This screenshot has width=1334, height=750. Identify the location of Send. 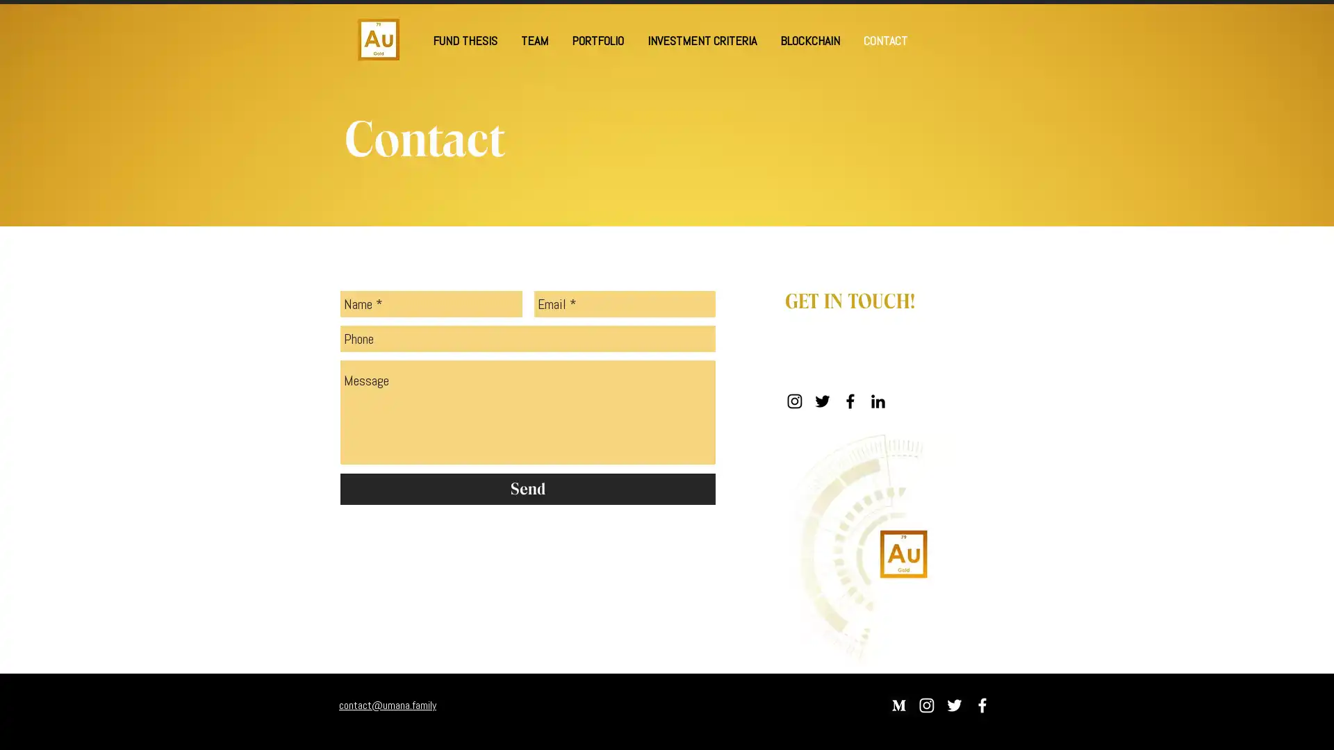
(527, 488).